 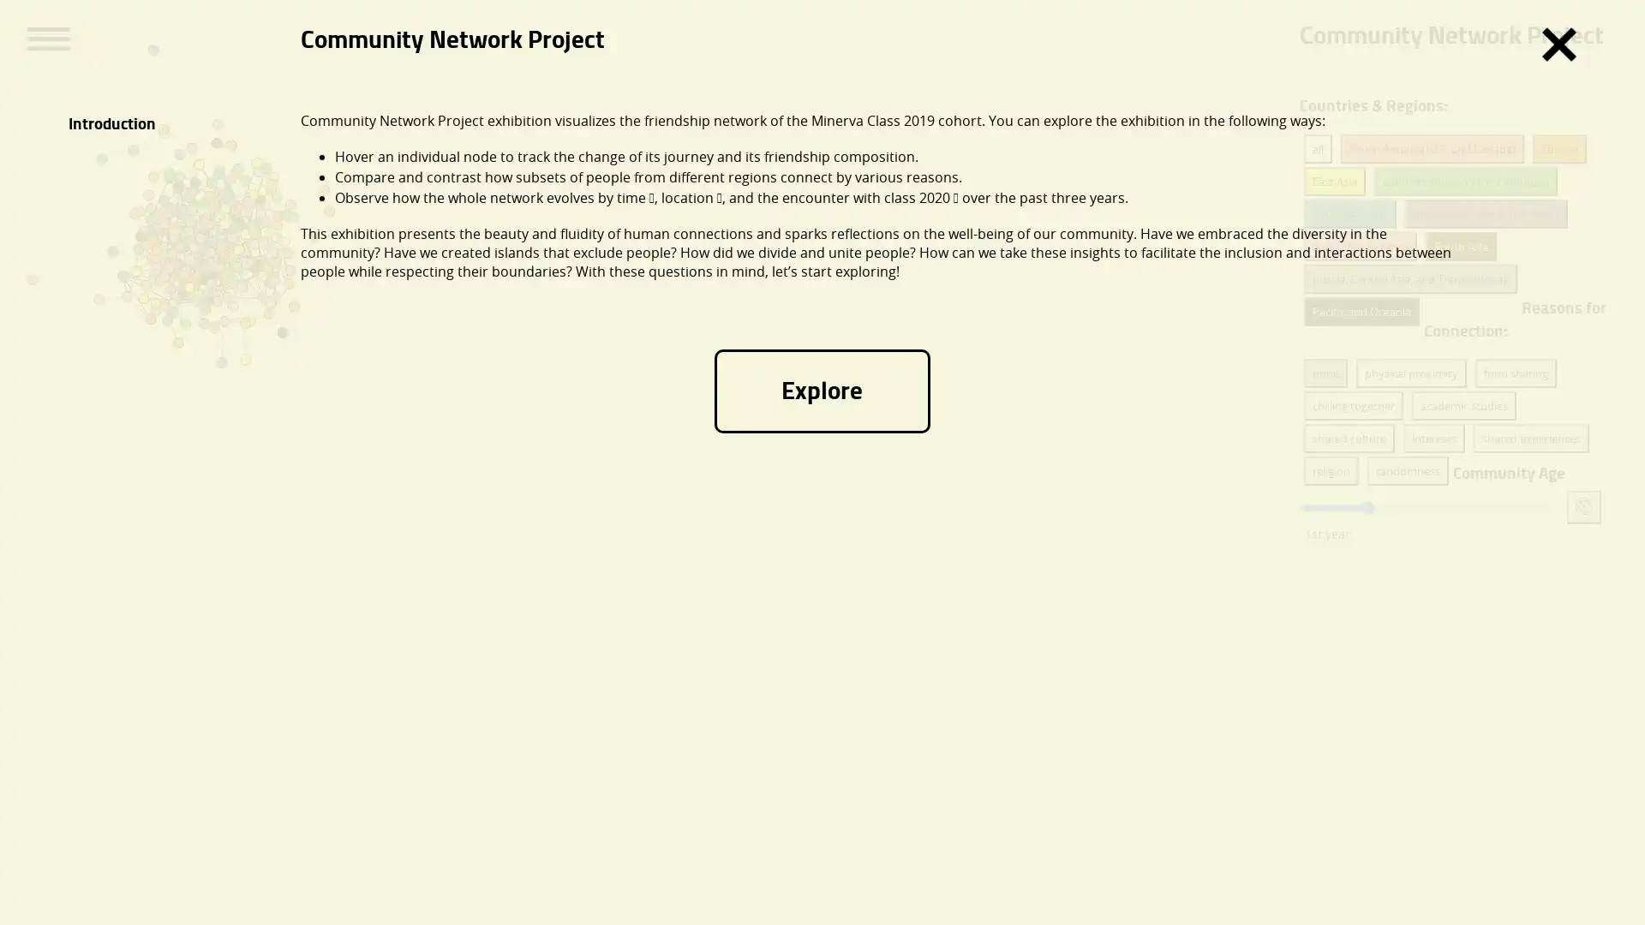 I want to click on shared culture, so click(x=1348, y=438).